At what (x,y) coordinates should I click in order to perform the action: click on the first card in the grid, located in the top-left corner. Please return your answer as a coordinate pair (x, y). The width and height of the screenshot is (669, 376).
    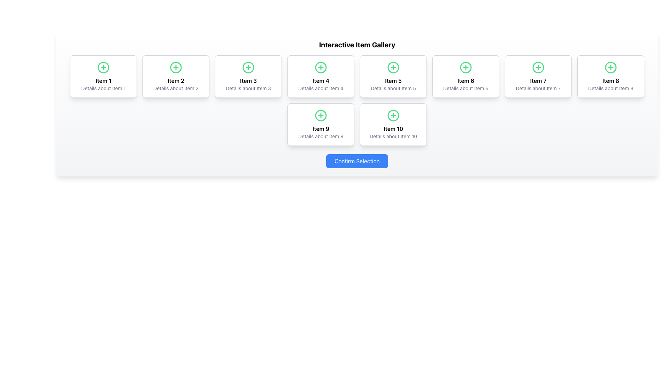
    Looking at the image, I should click on (103, 76).